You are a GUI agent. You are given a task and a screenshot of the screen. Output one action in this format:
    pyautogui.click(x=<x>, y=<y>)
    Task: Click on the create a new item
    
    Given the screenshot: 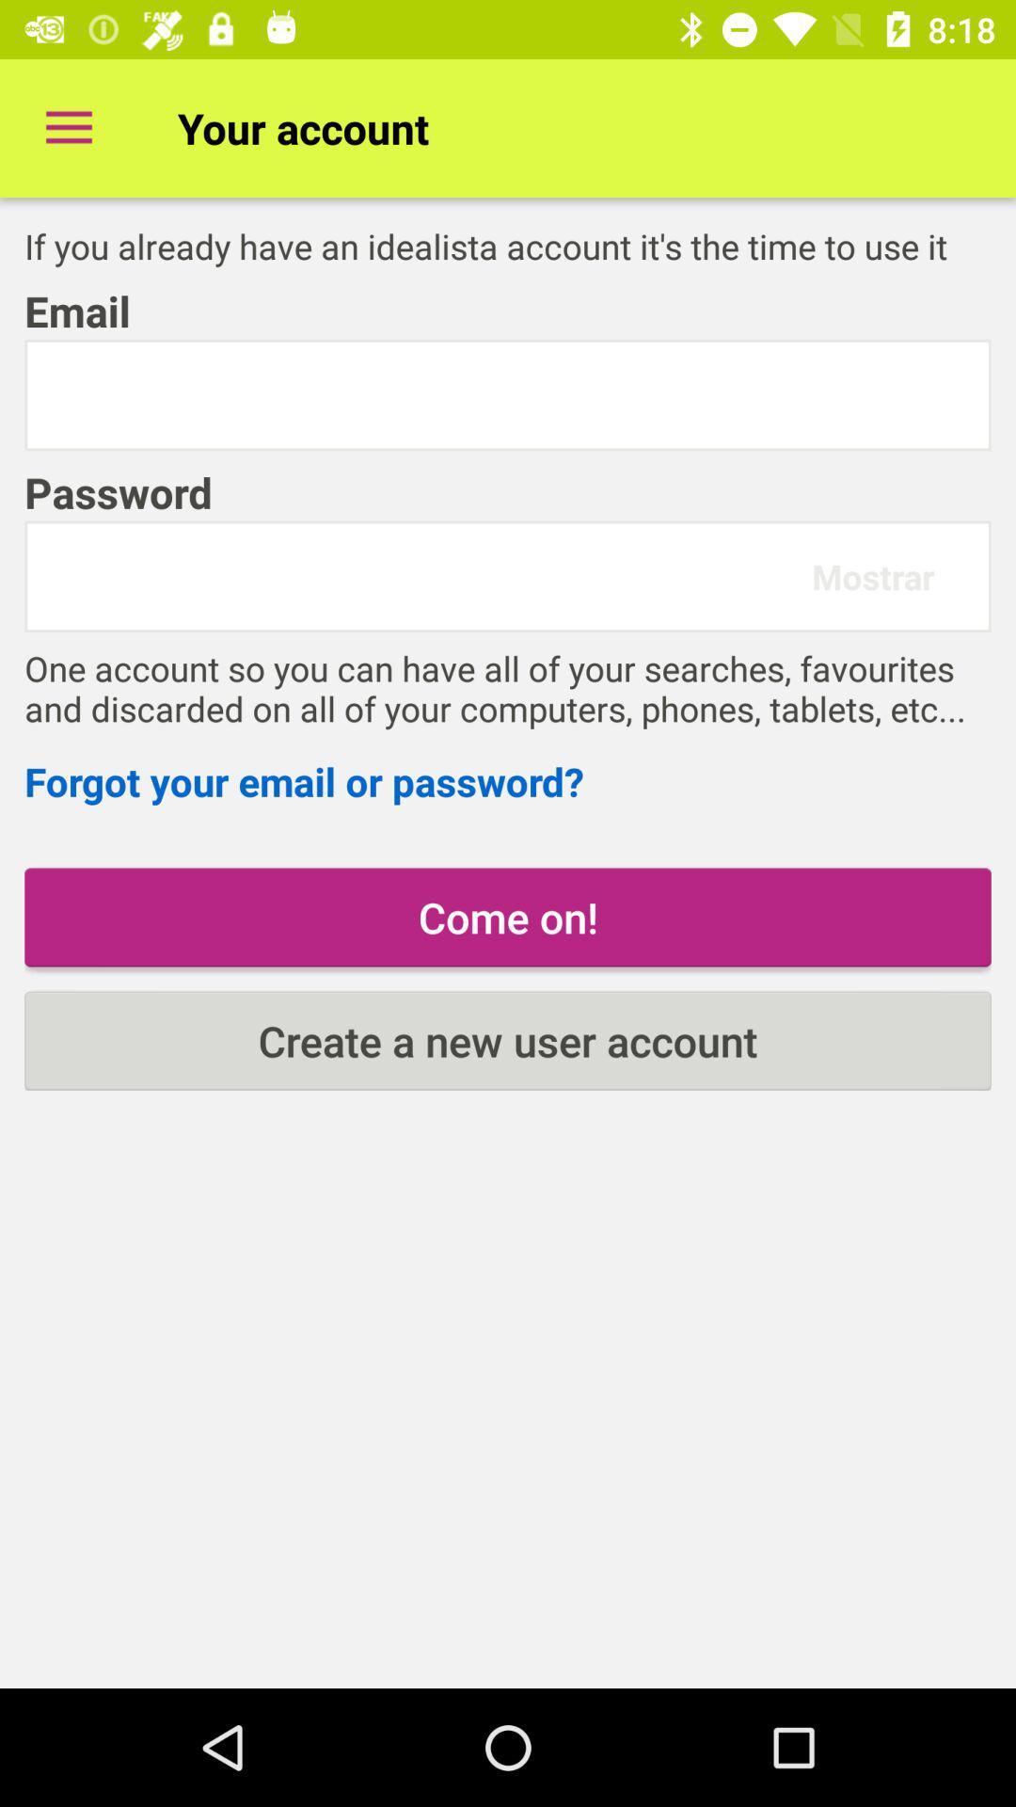 What is the action you would take?
    pyautogui.click(x=508, y=1040)
    